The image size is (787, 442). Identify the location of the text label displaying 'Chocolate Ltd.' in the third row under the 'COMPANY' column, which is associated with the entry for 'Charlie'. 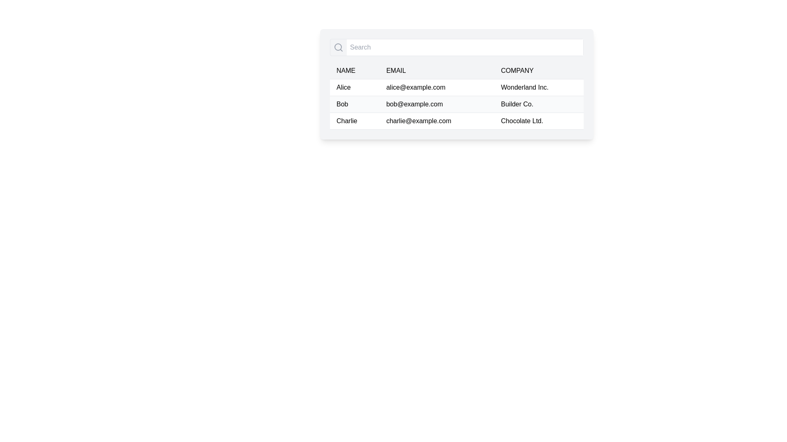
(539, 121).